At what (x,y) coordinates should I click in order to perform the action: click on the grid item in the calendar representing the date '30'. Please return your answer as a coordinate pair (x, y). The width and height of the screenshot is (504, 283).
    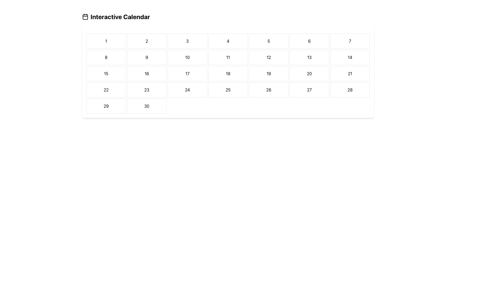
    Looking at the image, I should click on (147, 106).